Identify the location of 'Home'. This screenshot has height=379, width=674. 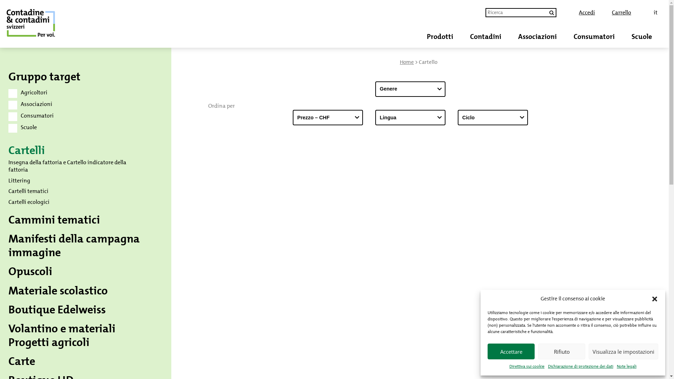
(399, 62).